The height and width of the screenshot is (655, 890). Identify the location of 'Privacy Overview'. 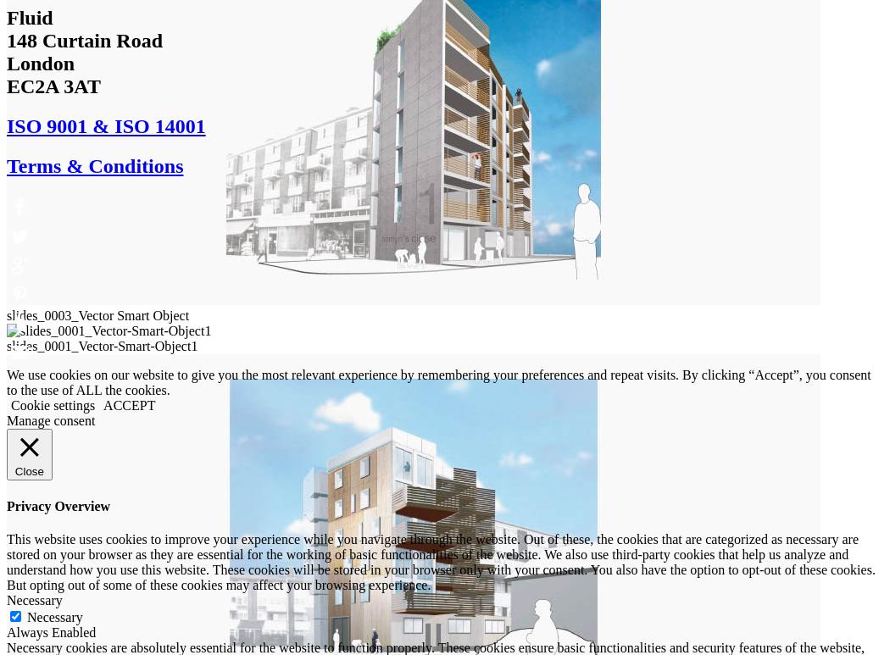
(6, 505).